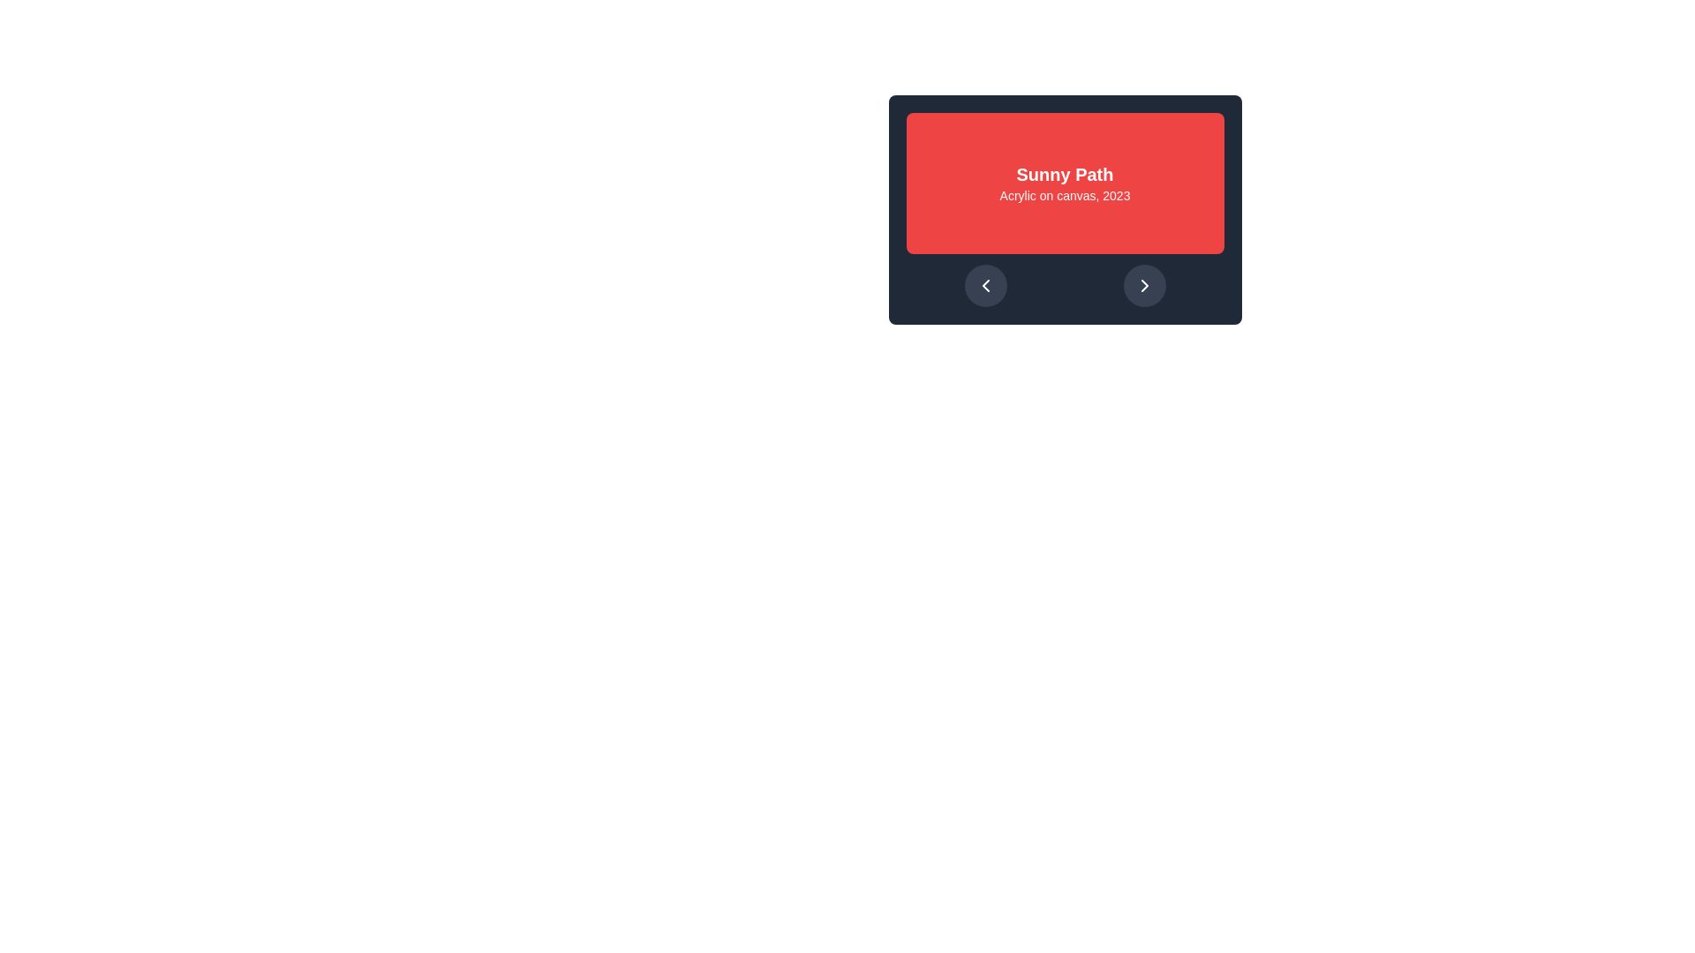 This screenshot has width=1695, height=953. What do you see at coordinates (984, 285) in the screenshot?
I see `the left-facing chevron icon button` at bounding box center [984, 285].